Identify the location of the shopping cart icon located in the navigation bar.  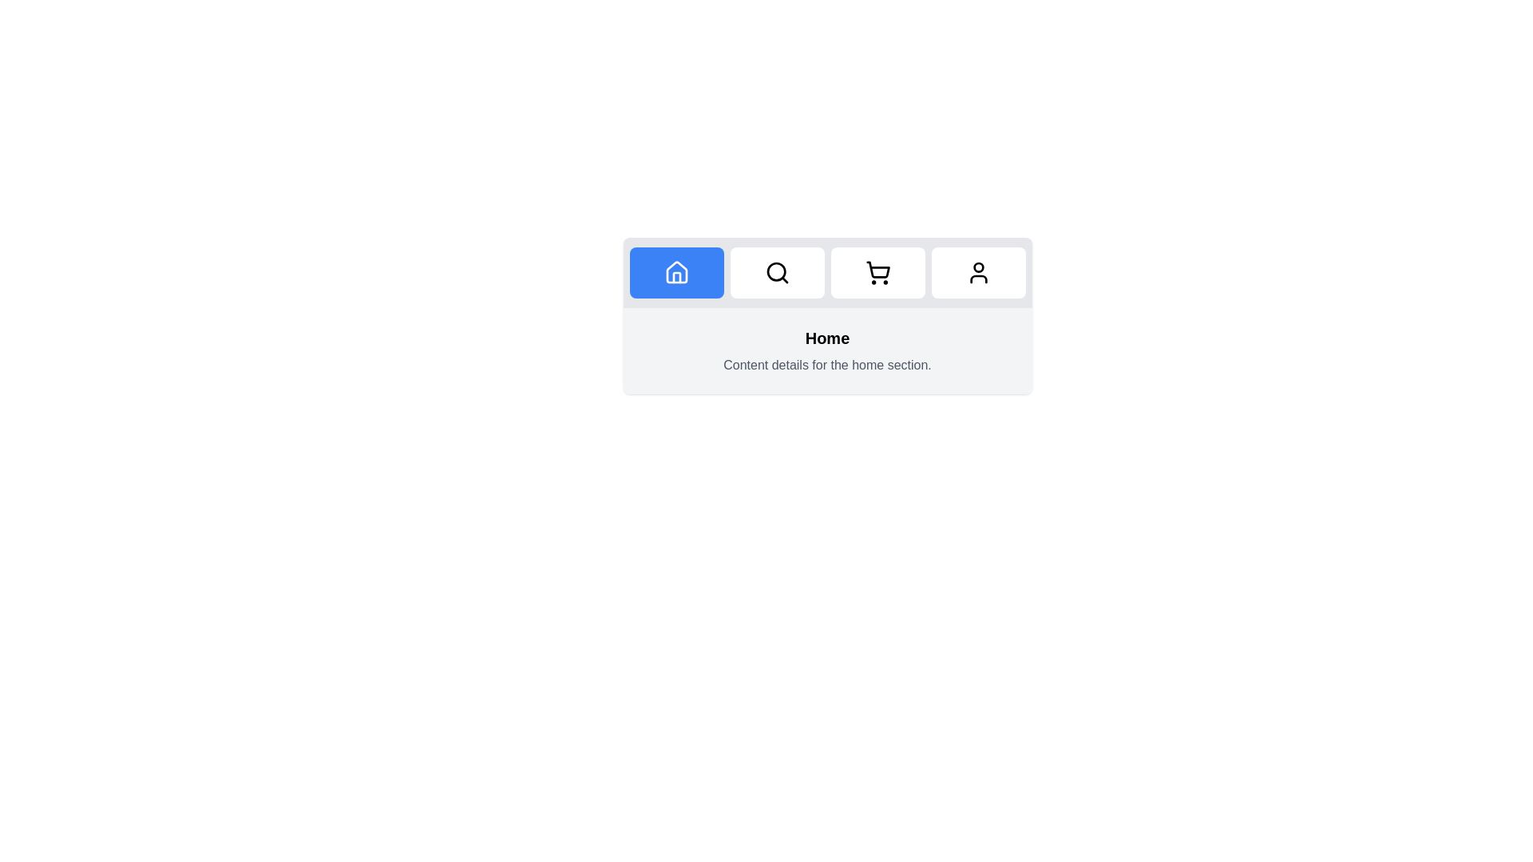
(877, 272).